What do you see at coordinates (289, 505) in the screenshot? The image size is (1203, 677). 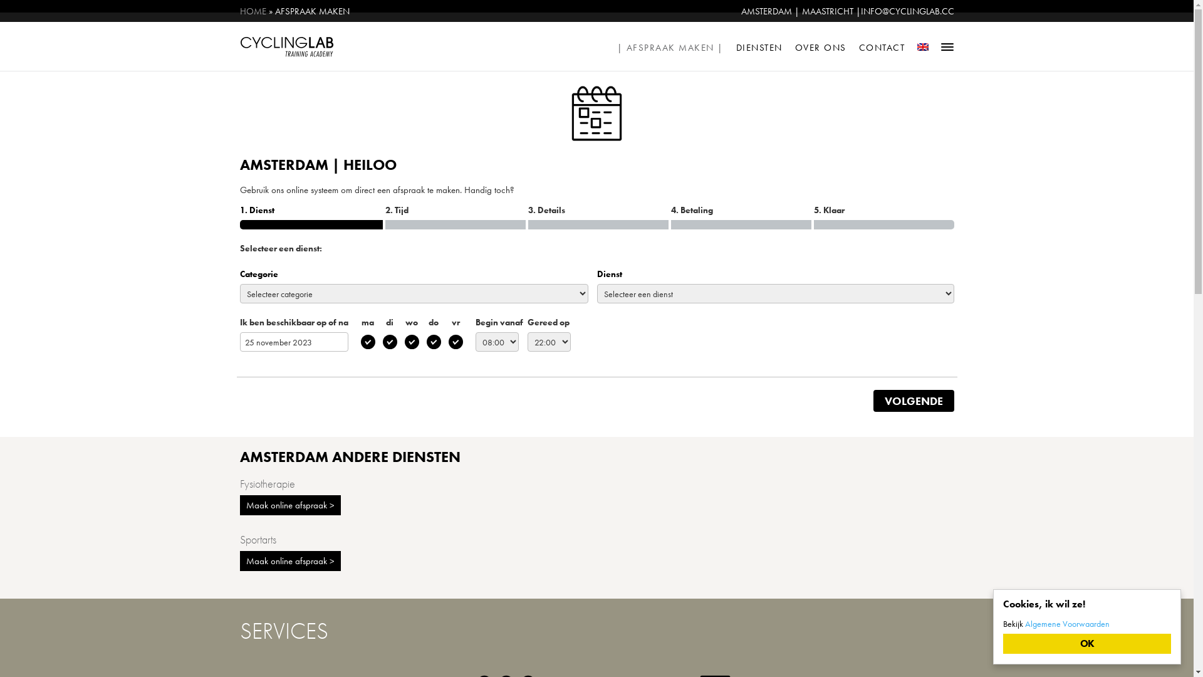 I see `'Maak online afspraak >'` at bounding box center [289, 505].